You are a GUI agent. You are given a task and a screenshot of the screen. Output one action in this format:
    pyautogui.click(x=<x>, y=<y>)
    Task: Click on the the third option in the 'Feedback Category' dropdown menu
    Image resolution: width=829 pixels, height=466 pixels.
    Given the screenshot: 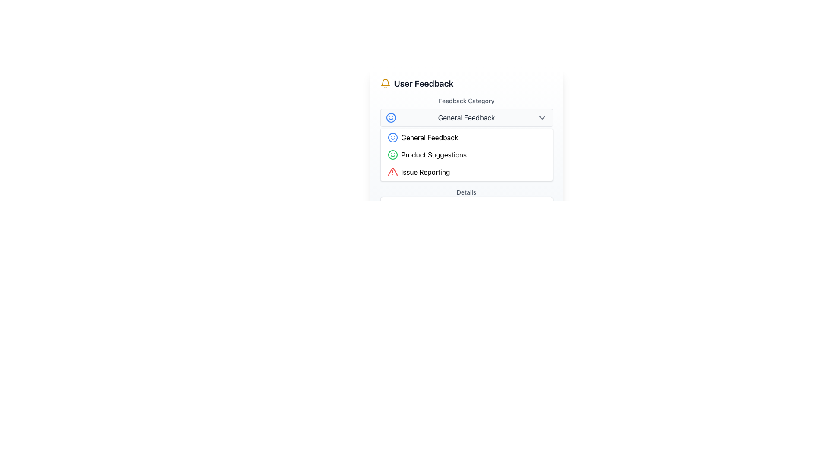 What is the action you would take?
    pyautogui.click(x=425, y=172)
    